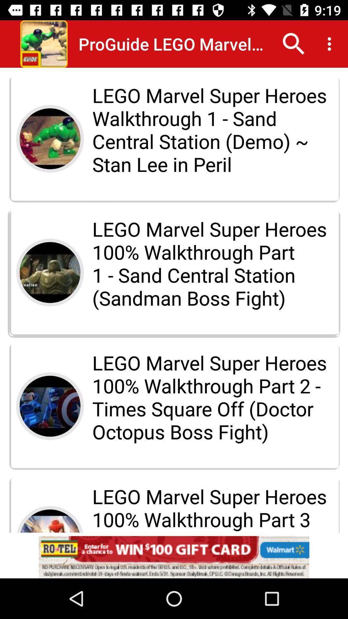 The image size is (348, 619). I want to click on win card, so click(174, 557).